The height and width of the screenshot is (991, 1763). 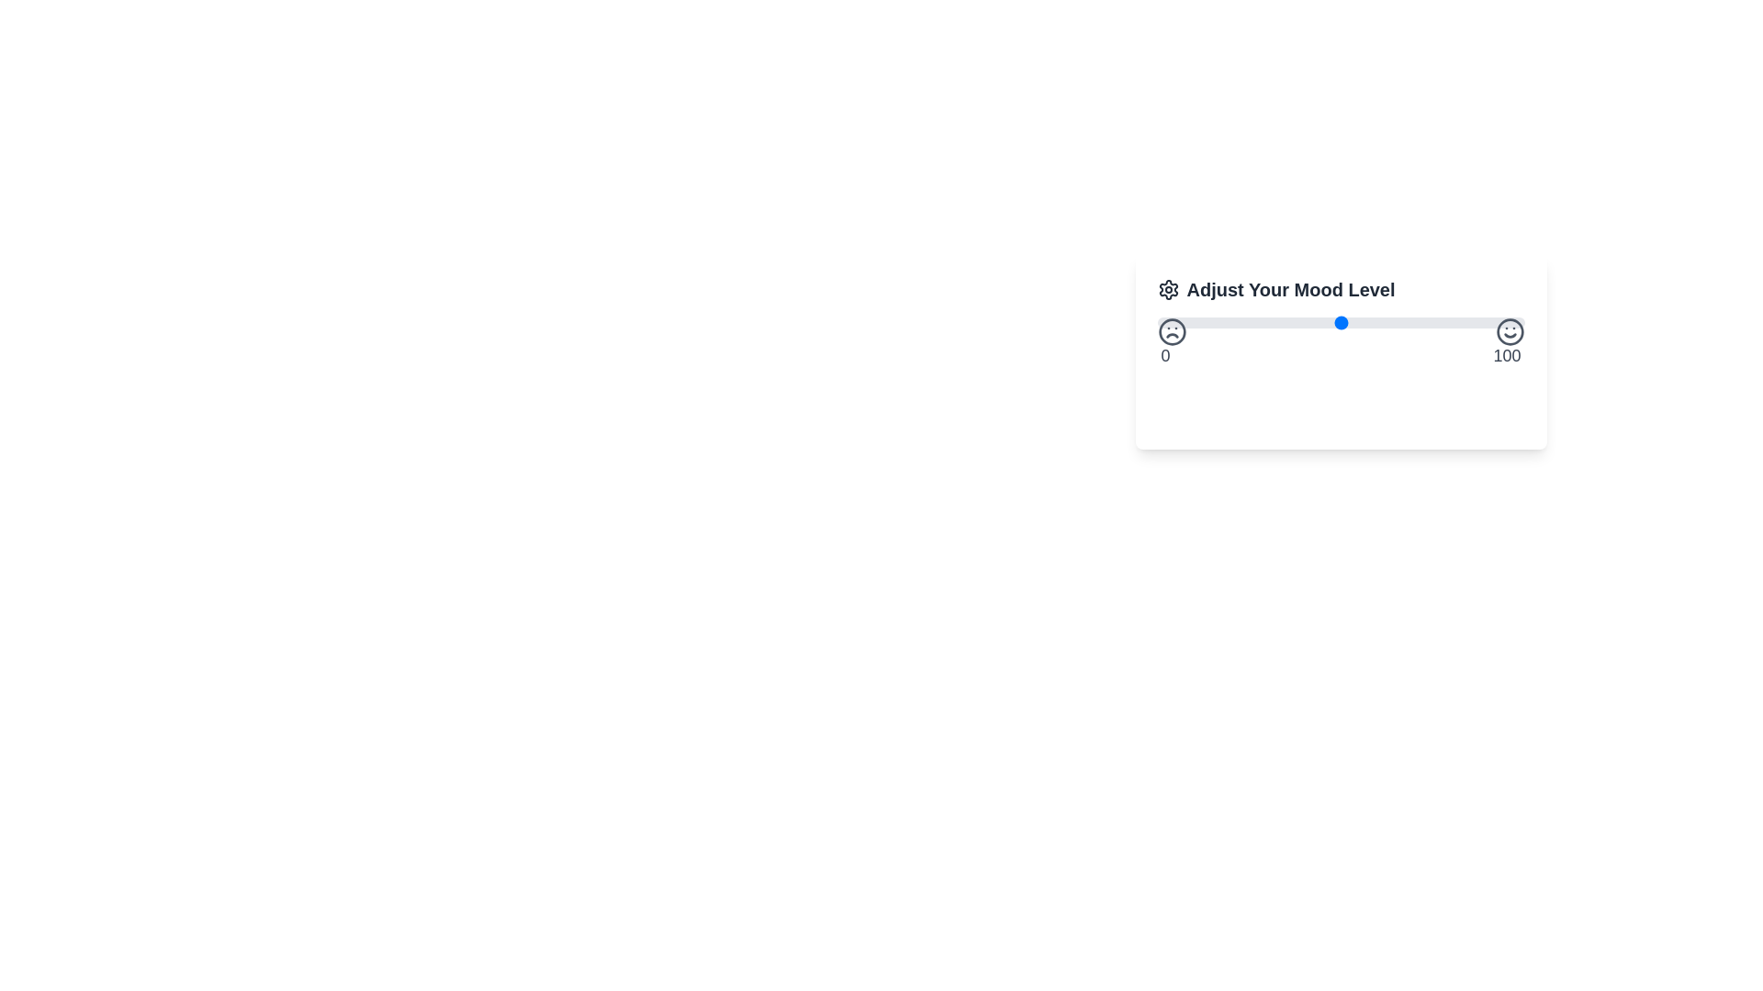 What do you see at coordinates (1167, 289) in the screenshot?
I see `the settings icon related to 'Adjust Your Mood Level'` at bounding box center [1167, 289].